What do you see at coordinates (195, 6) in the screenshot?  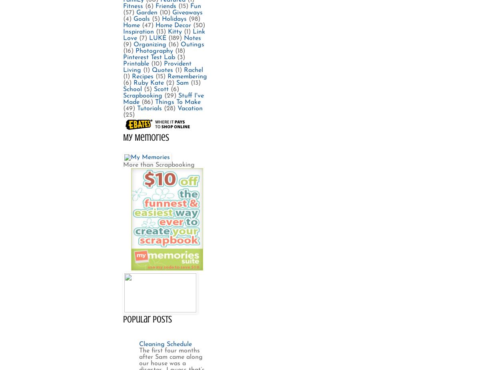 I see `'Fun'` at bounding box center [195, 6].